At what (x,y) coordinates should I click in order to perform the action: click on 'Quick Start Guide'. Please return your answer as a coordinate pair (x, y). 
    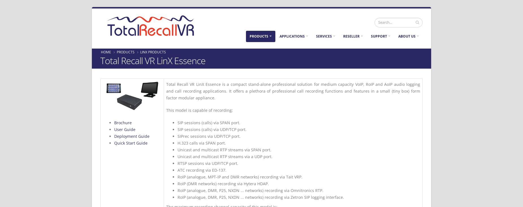
    Looking at the image, I should click on (114, 143).